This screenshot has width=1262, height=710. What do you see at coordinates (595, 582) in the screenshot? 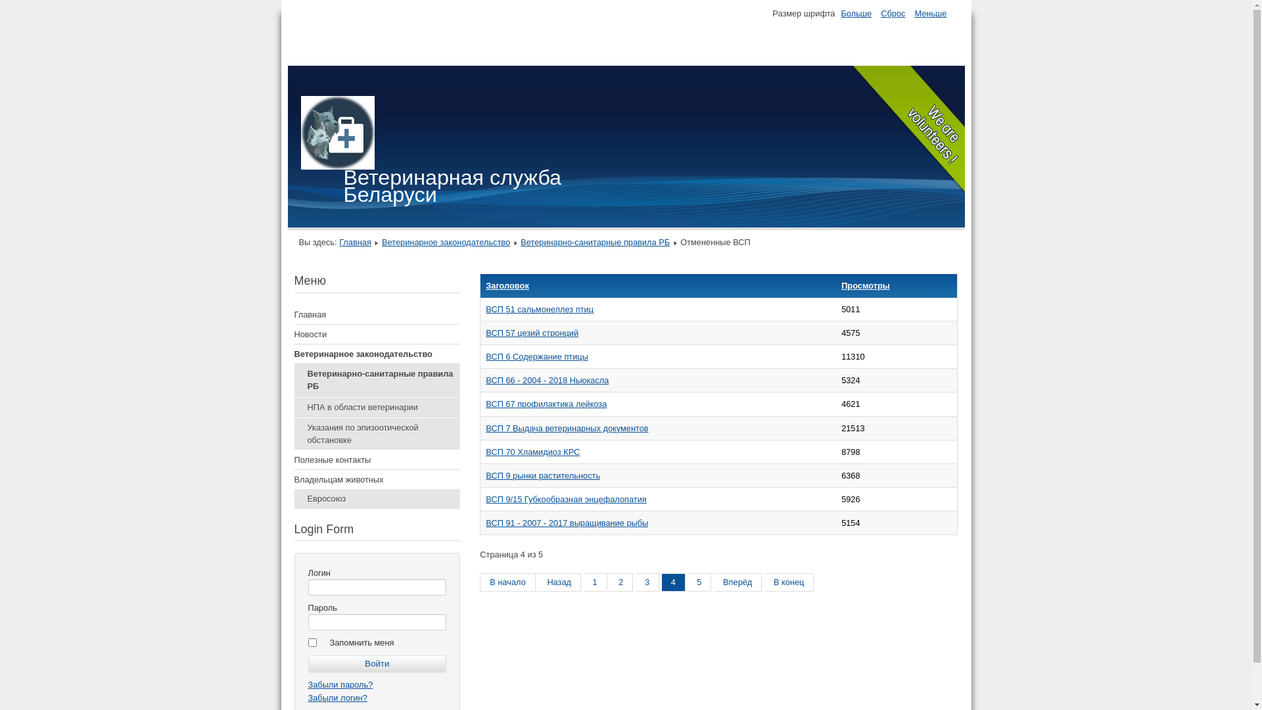
I see `'1'` at bounding box center [595, 582].